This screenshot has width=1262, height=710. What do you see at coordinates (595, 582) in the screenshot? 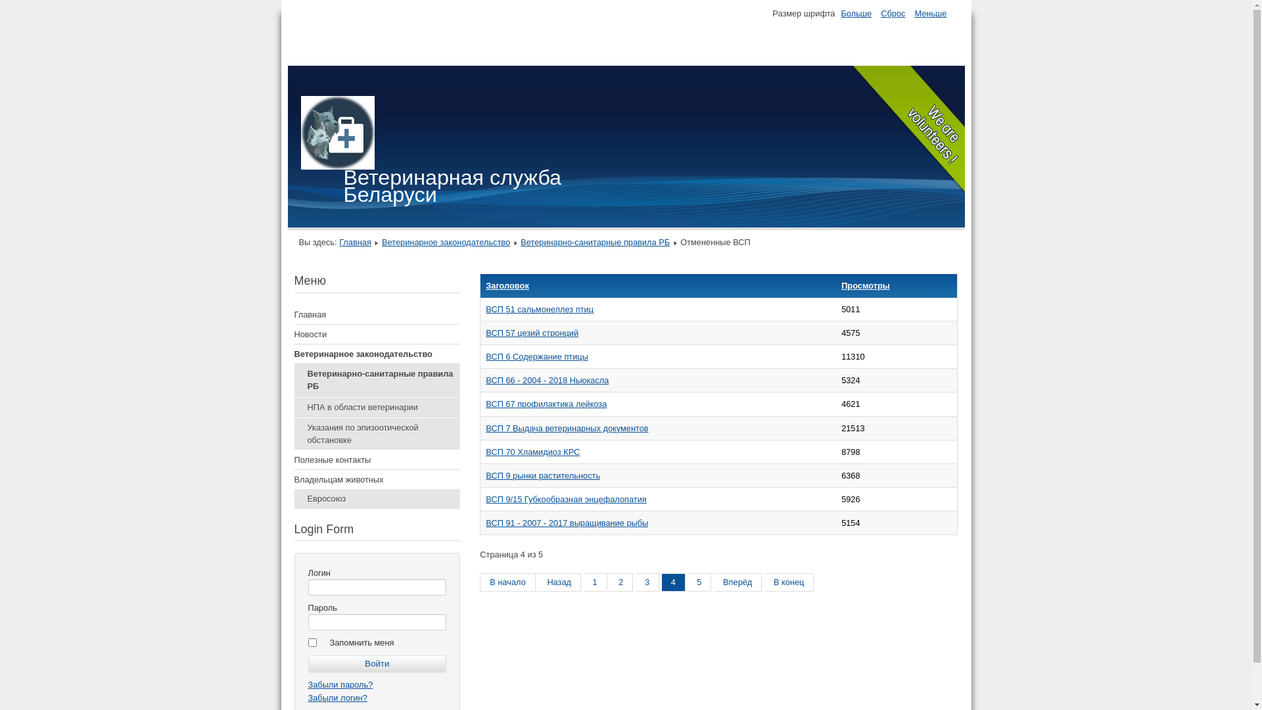
I see `'1'` at bounding box center [595, 582].